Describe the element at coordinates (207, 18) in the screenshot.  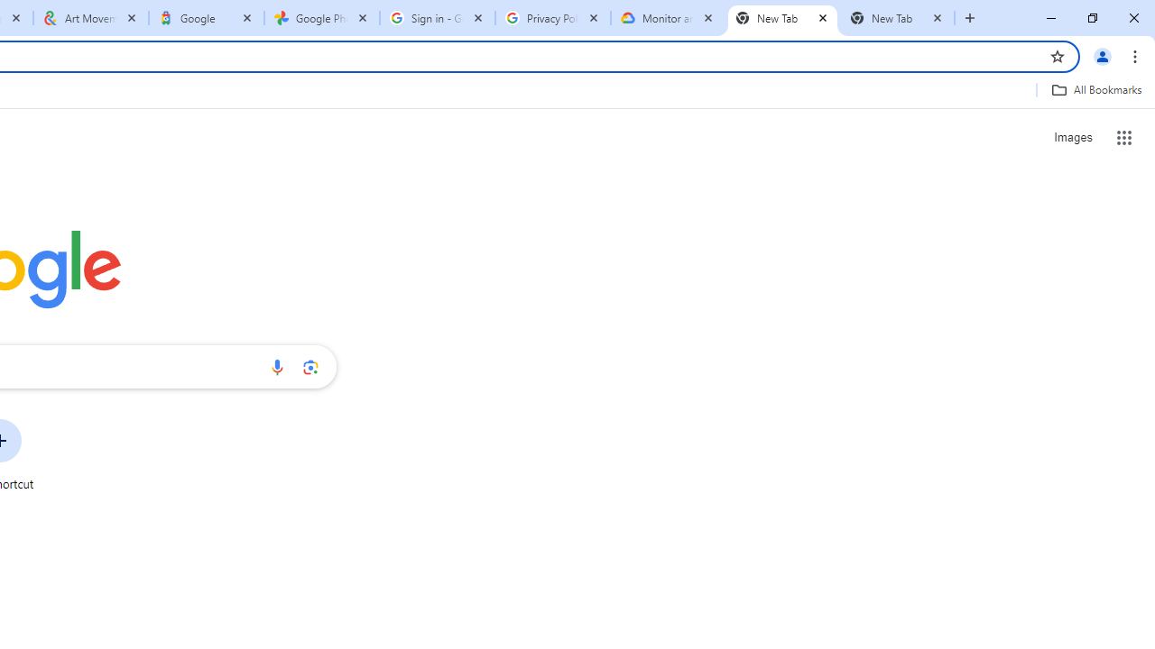
I see `'Google'` at that location.